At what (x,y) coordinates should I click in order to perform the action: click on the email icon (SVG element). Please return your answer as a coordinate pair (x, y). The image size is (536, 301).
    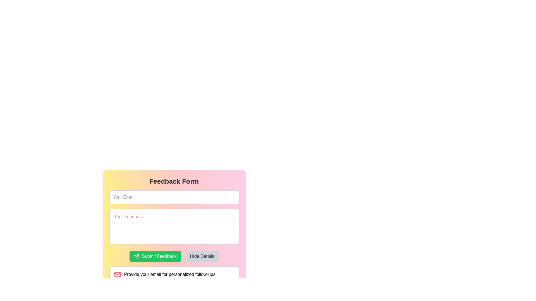
    Looking at the image, I should click on (117, 274).